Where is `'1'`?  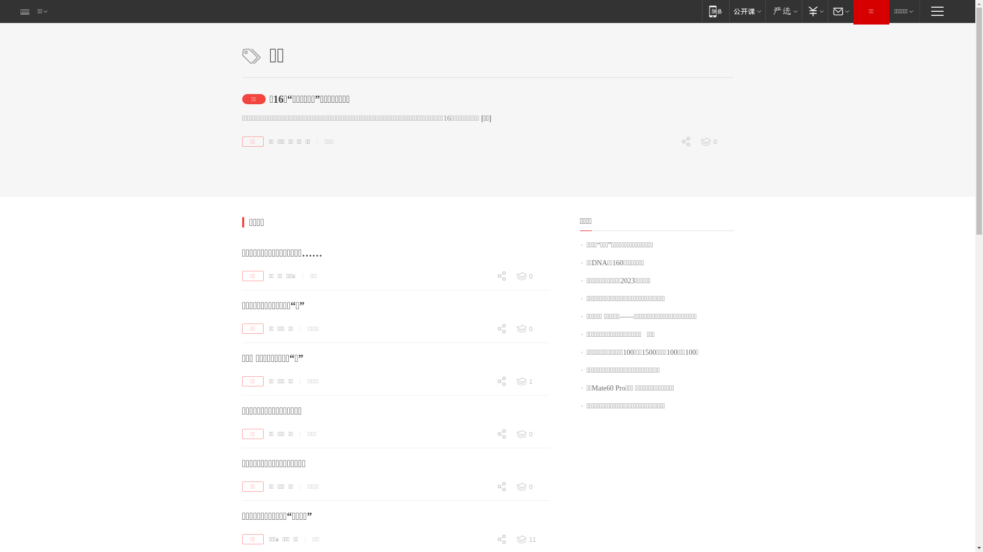 '1' is located at coordinates (516, 382).